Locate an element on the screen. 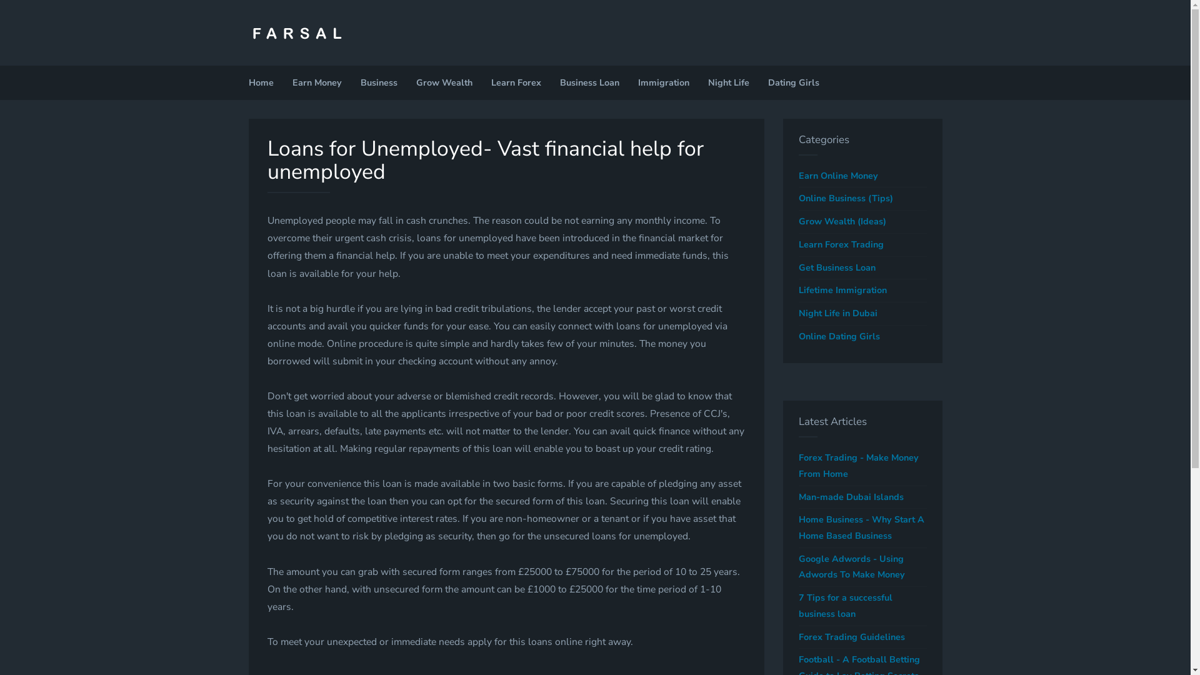  'Online Business (Tips)' is located at coordinates (862, 197).